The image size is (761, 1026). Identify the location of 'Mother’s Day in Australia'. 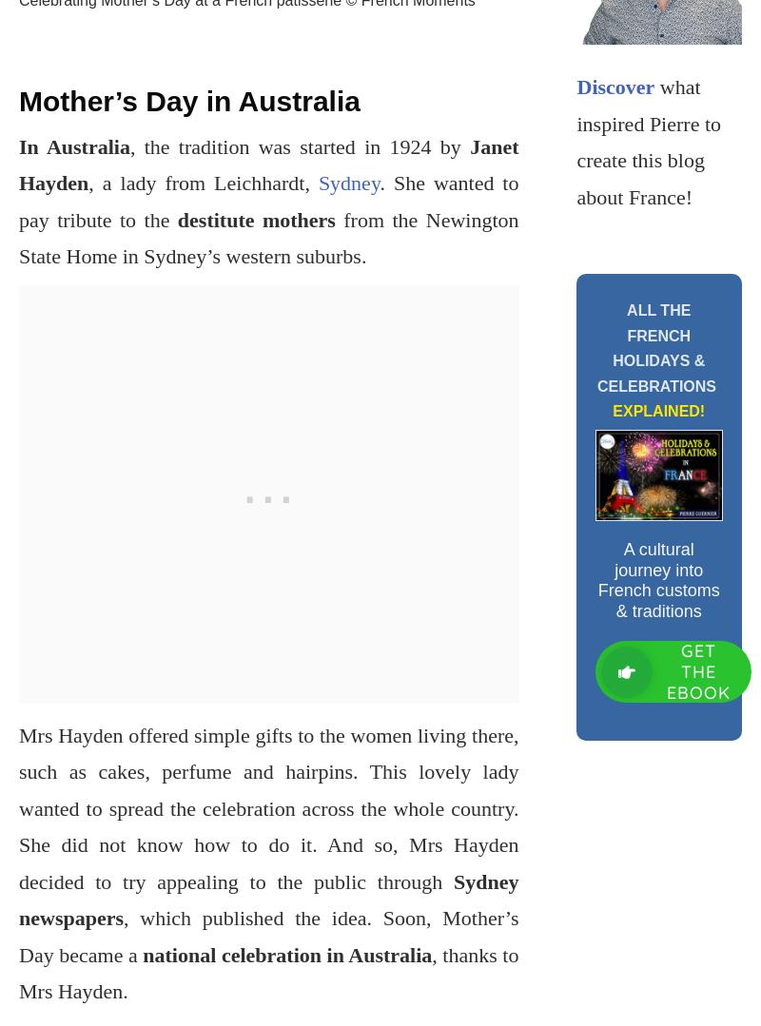
(187, 100).